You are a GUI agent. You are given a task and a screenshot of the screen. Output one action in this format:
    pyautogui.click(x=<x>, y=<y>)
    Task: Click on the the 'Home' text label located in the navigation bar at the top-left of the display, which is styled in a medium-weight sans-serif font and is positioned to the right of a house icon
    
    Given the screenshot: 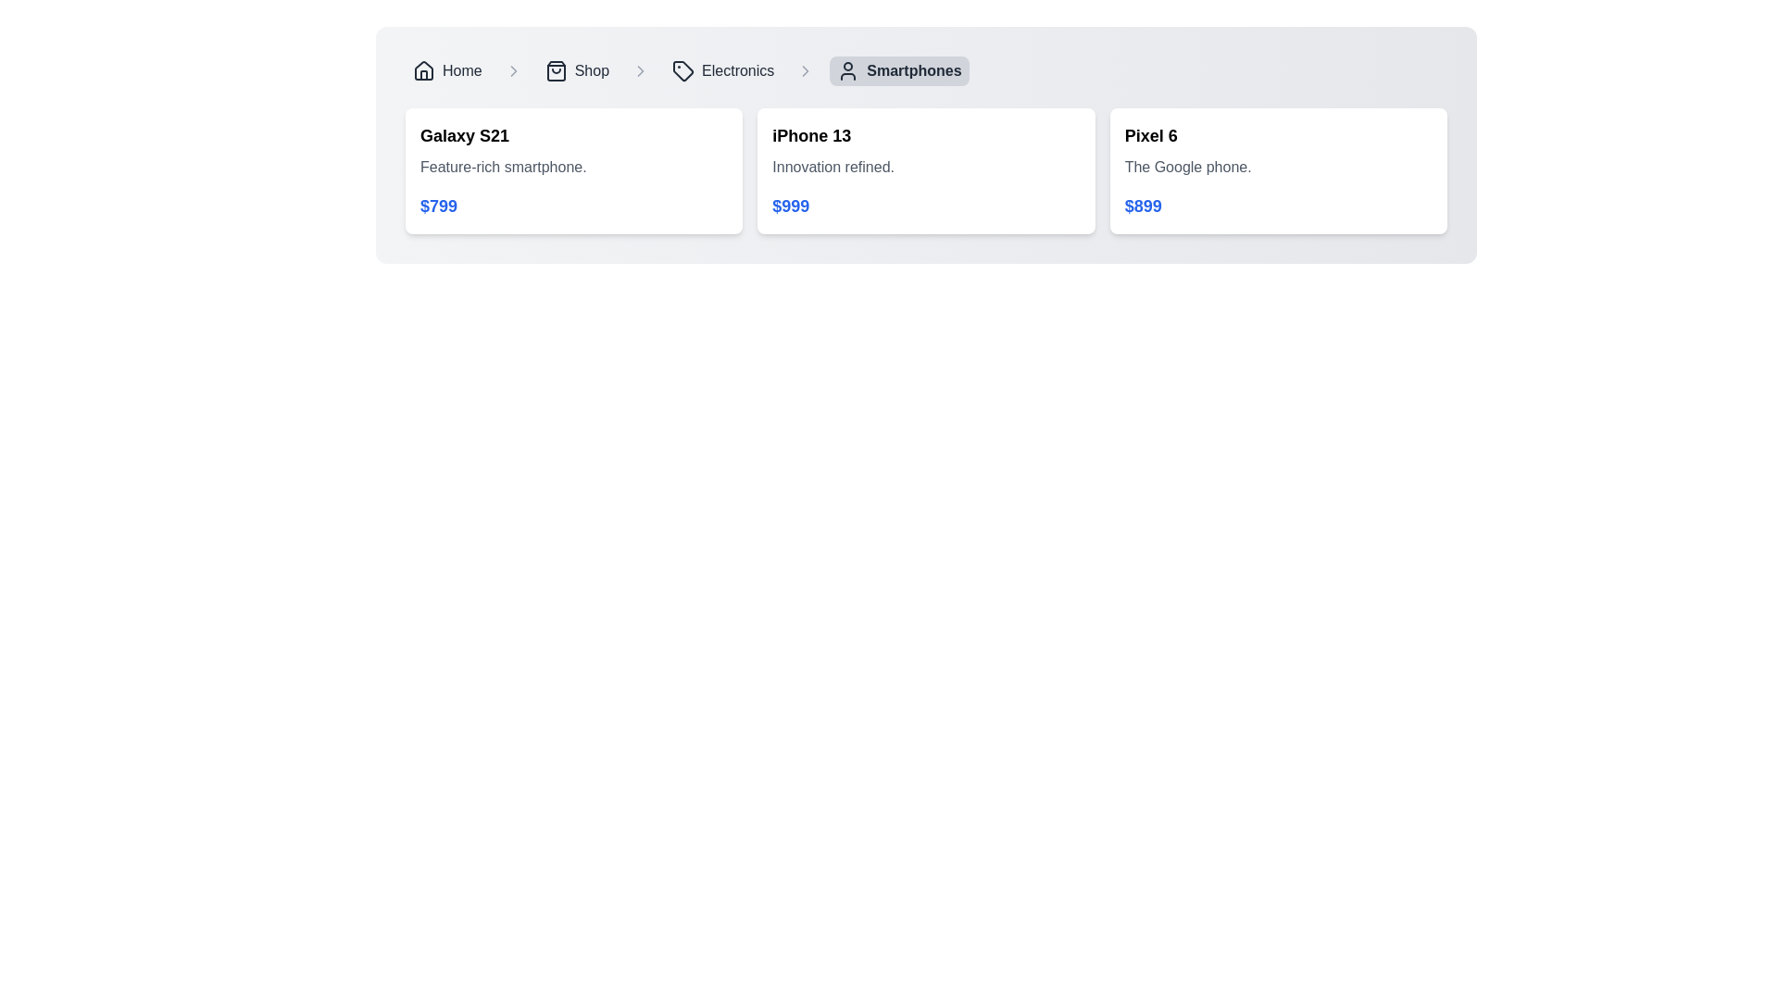 What is the action you would take?
    pyautogui.click(x=462, y=70)
    